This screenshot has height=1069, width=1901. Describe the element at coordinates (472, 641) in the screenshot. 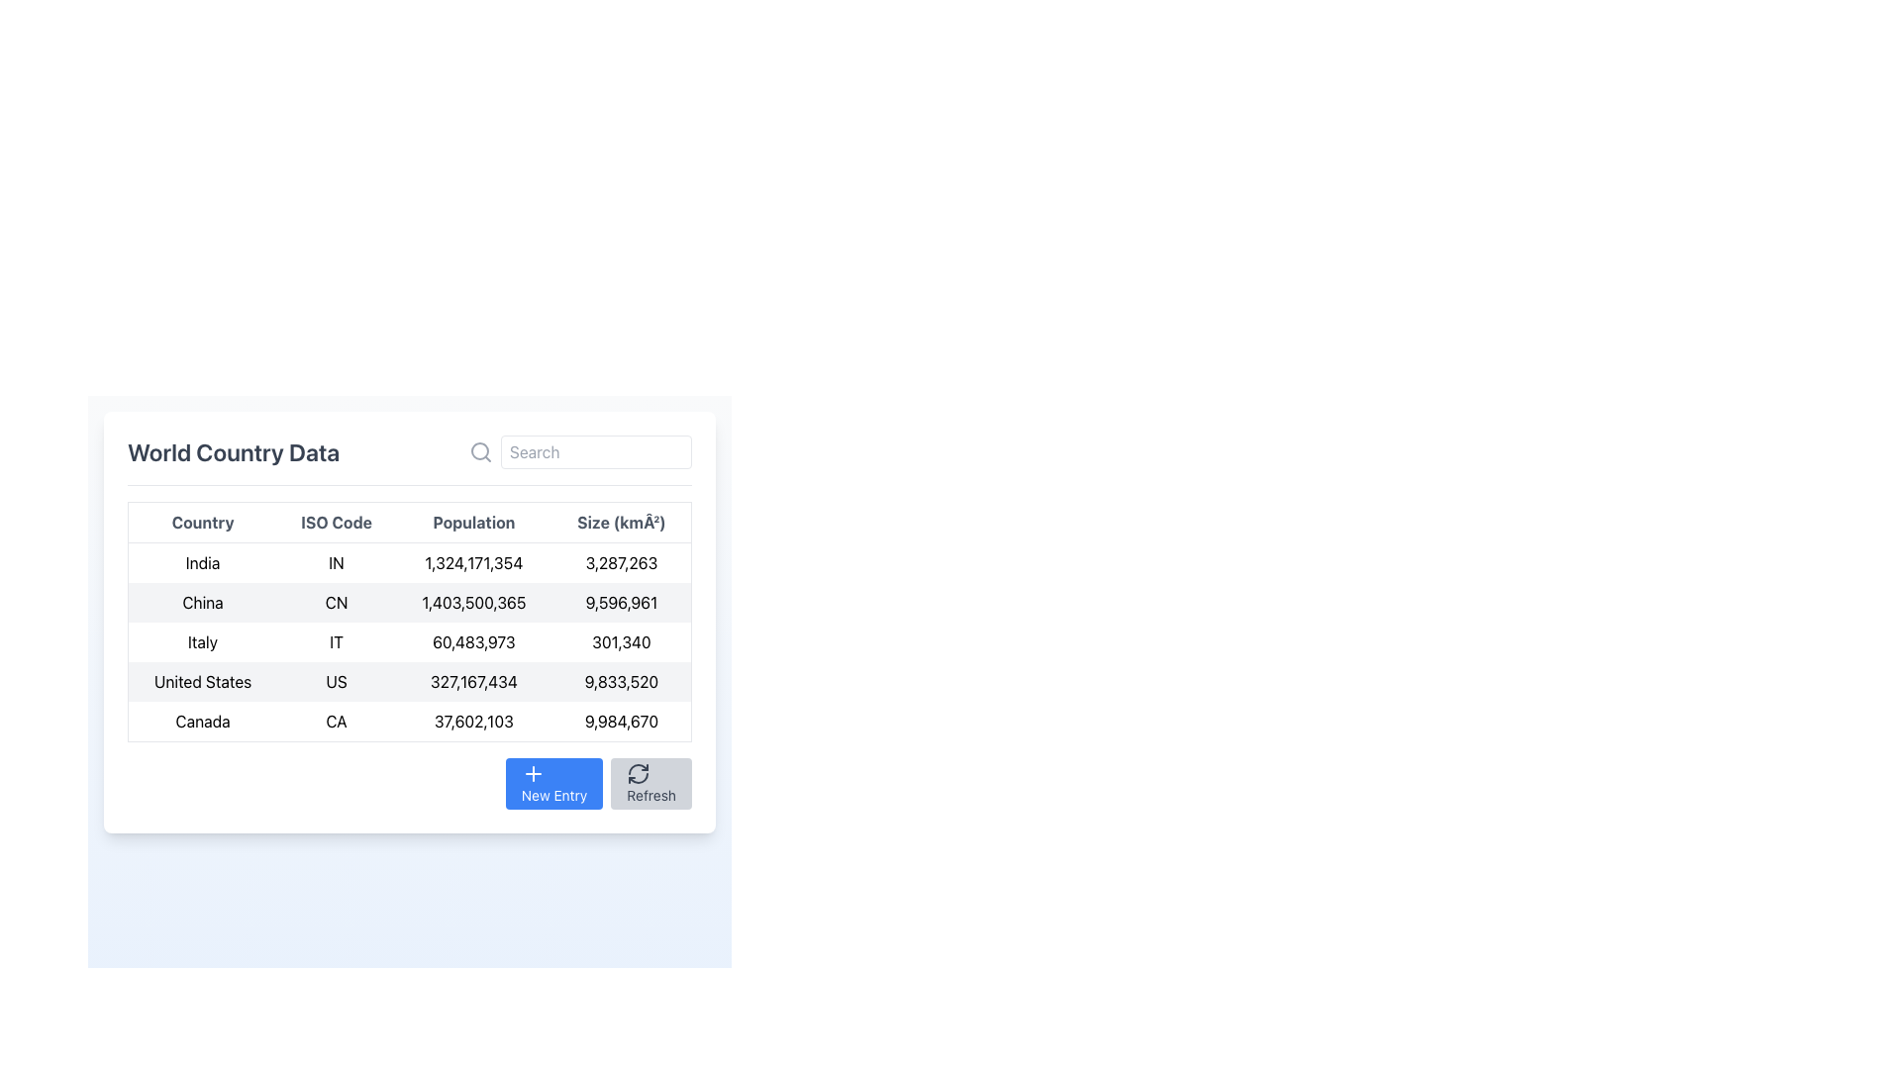

I see `the numeric population representation ('60,483,973')` at that location.